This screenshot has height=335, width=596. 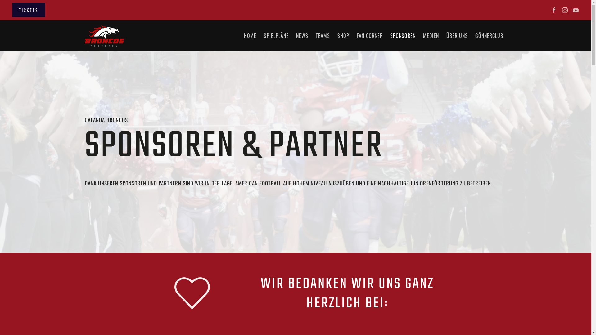 What do you see at coordinates (311, 36) in the screenshot?
I see `'TEAMS'` at bounding box center [311, 36].